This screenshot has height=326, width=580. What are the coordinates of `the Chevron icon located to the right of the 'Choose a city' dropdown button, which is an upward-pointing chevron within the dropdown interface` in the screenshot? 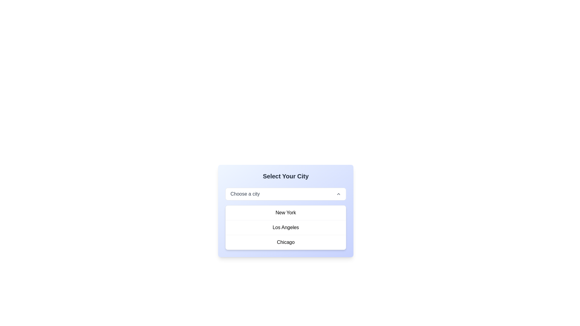 It's located at (339, 194).